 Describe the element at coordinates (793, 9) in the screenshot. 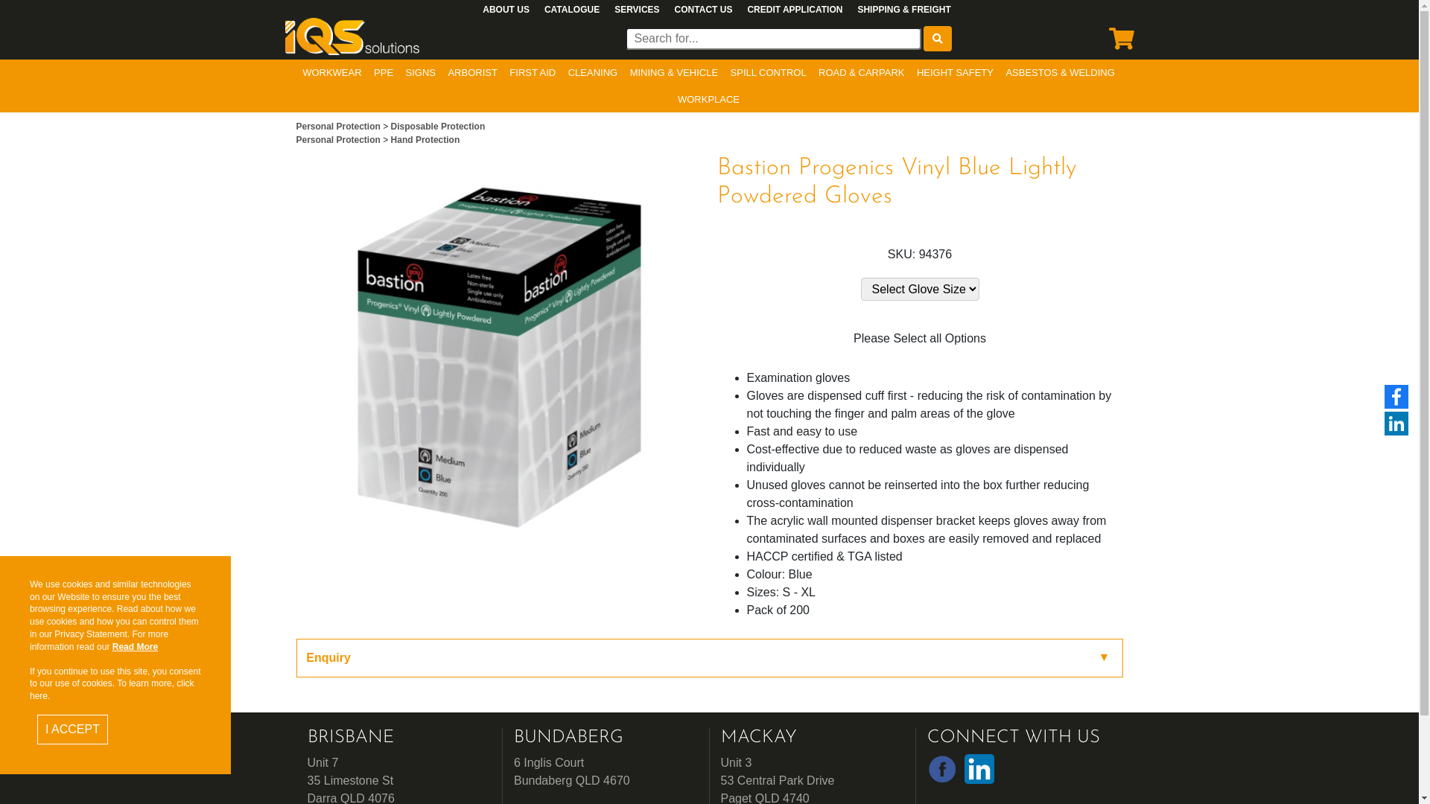

I see `'CREDIT APPLICATION'` at that location.